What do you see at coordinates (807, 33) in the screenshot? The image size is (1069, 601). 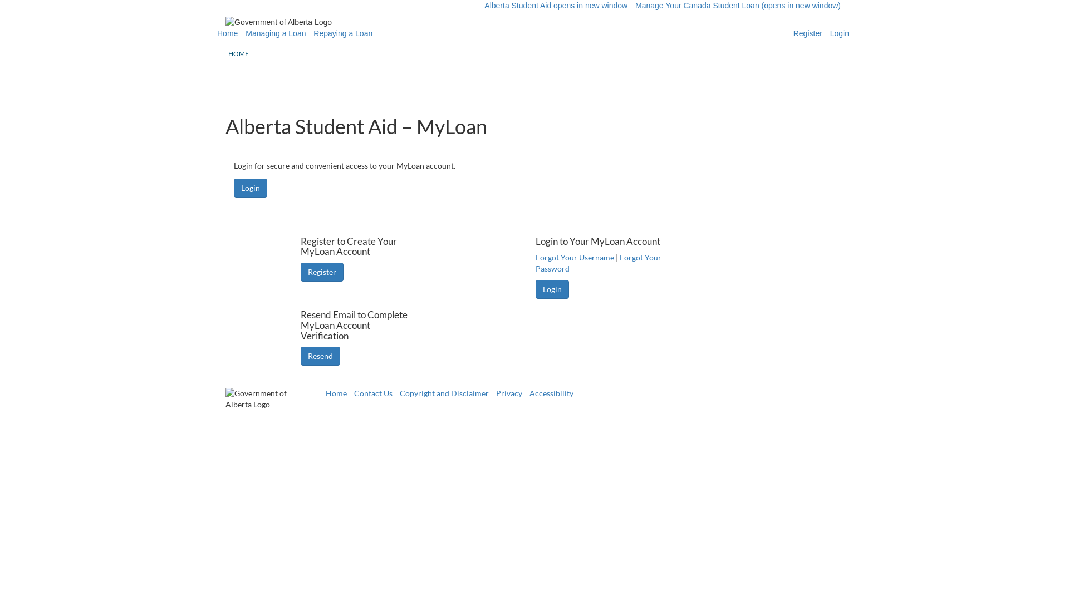 I see `'Register'` at bounding box center [807, 33].